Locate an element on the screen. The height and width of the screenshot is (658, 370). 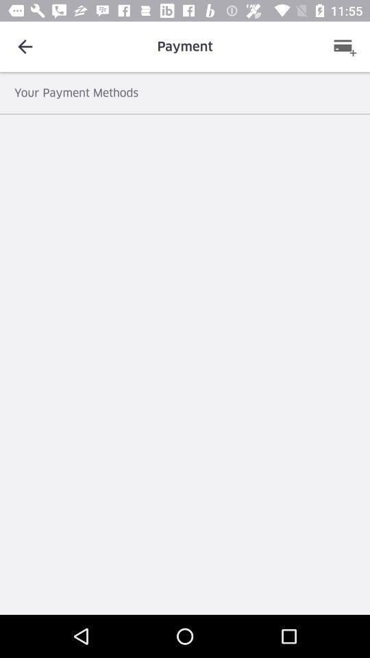
the item at the top left corner is located at coordinates (25, 47).